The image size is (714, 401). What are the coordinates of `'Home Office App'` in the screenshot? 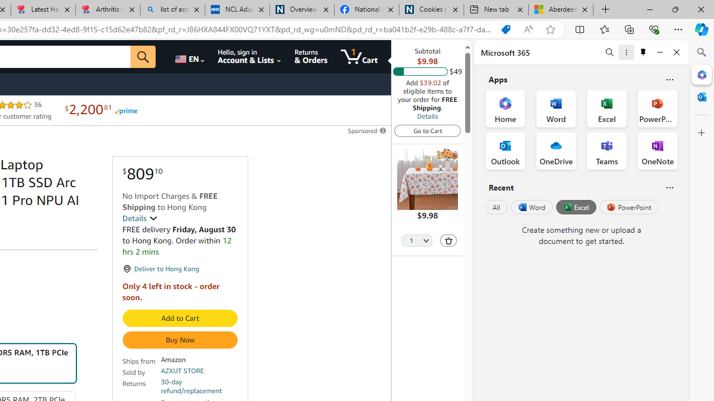 It's located at (505, 109).